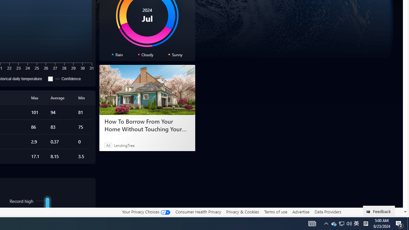 This screenshot has height=230, width=409. I want to click on 'Consumer Health Privacy', so click(198, 212).